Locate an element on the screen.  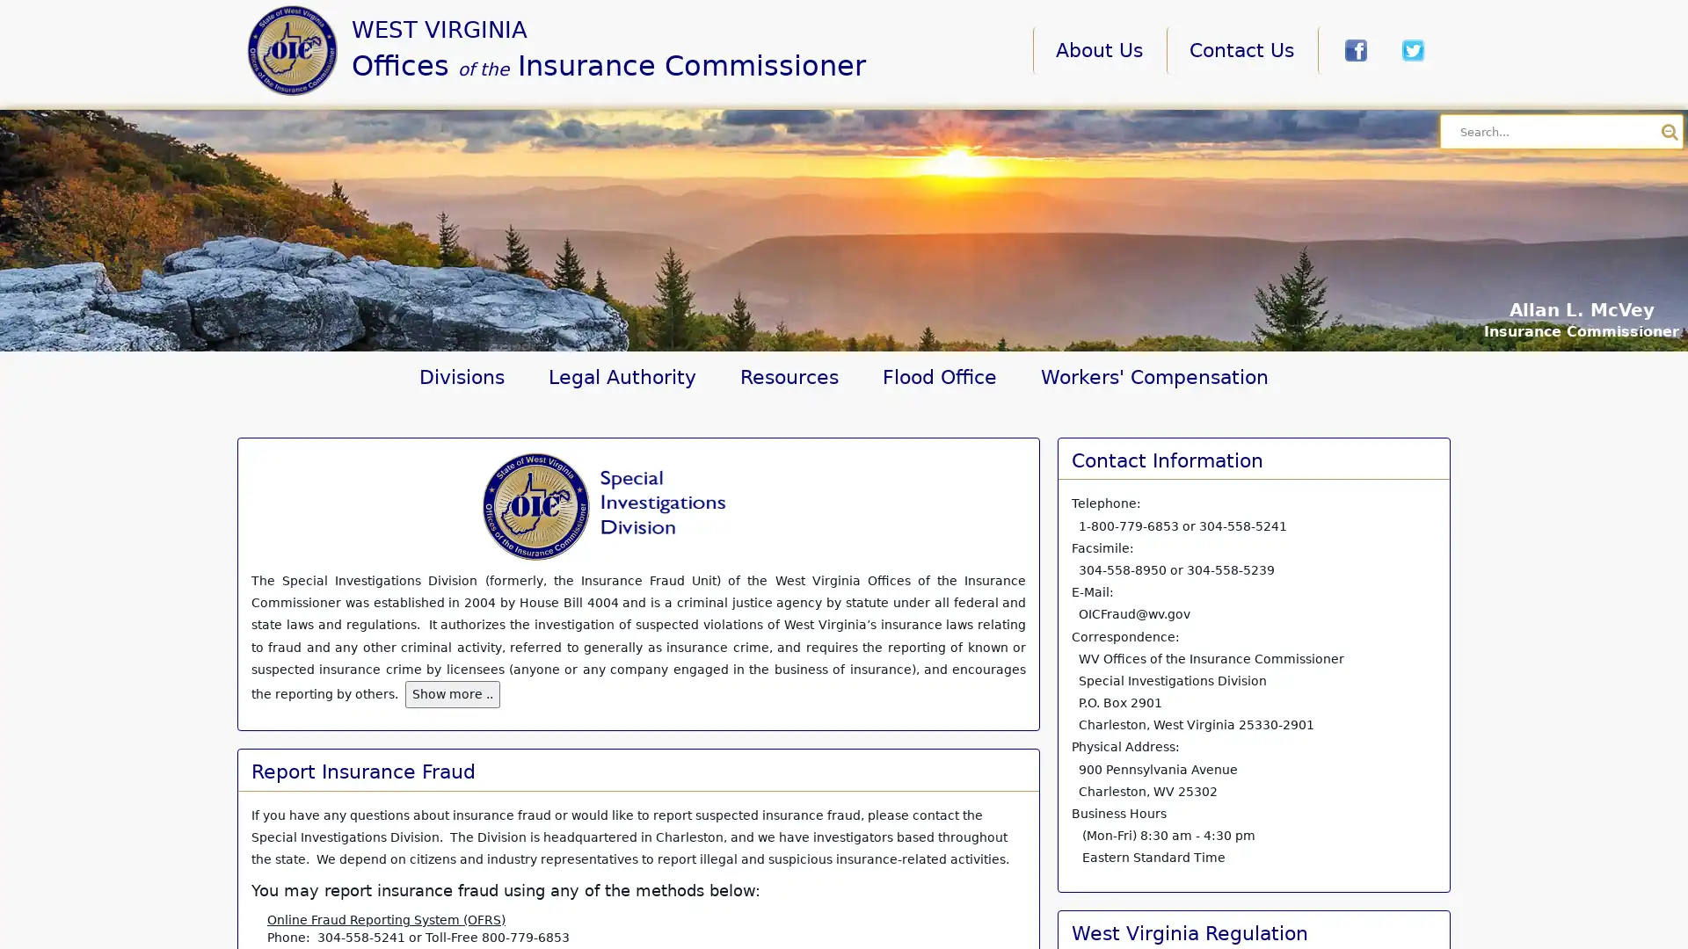
Show more .. is located at coordinates (452, 693).